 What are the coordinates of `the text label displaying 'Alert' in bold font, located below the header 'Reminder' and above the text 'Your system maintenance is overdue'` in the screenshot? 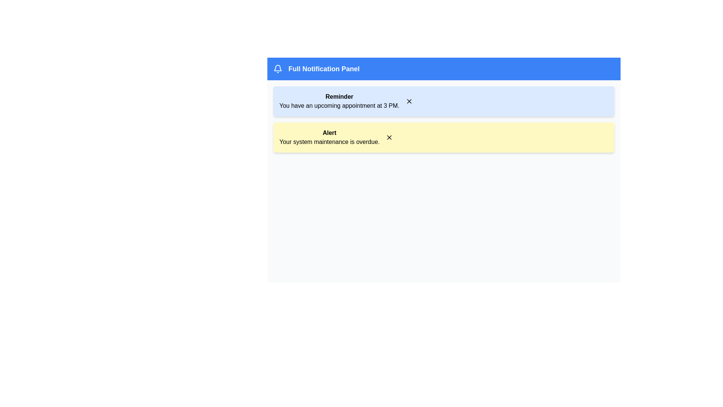 It's located at (329, 133).